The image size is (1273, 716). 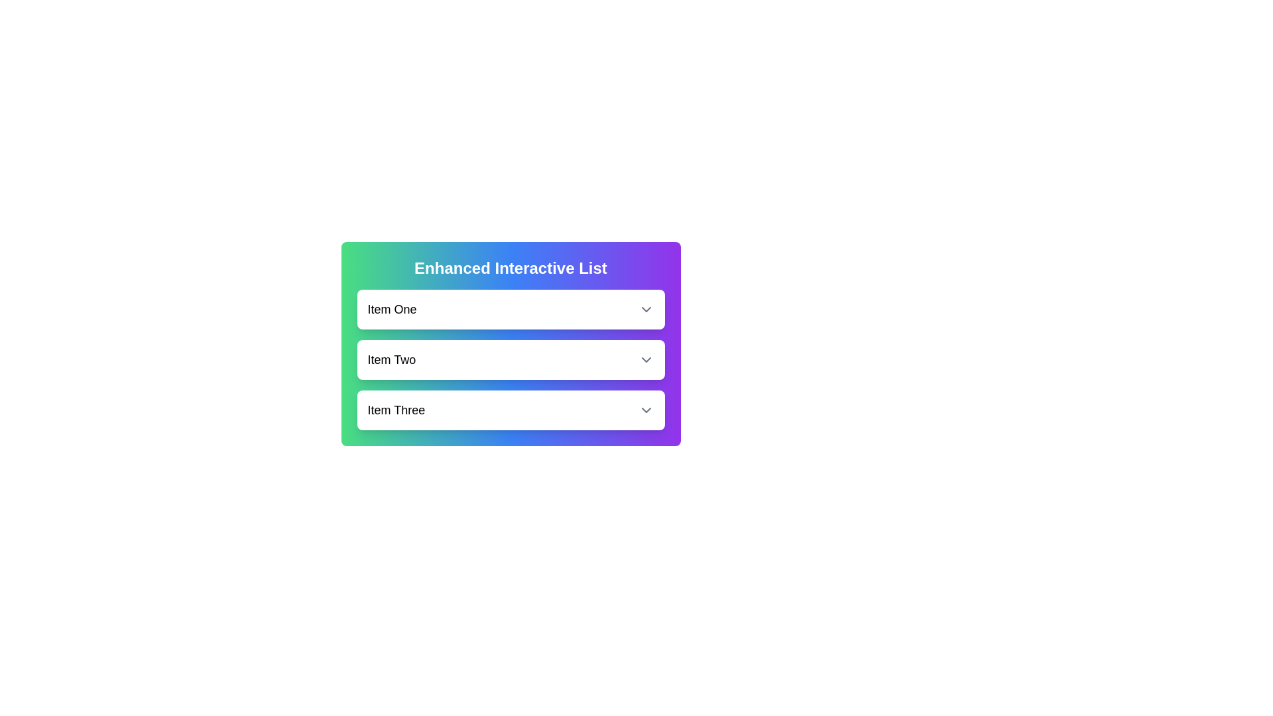 I want to click on the first dropdown item labeled 'Item One', so click(x=510, y=309).